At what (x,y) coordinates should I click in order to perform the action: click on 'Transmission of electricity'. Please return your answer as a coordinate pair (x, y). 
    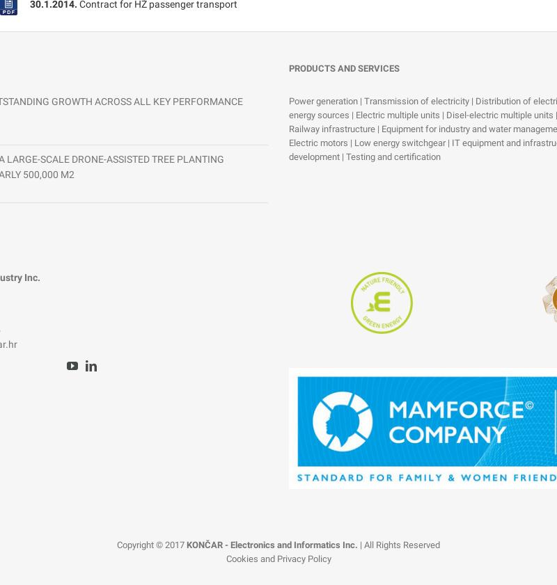
    Looking at the image, I should click on (418, 100).